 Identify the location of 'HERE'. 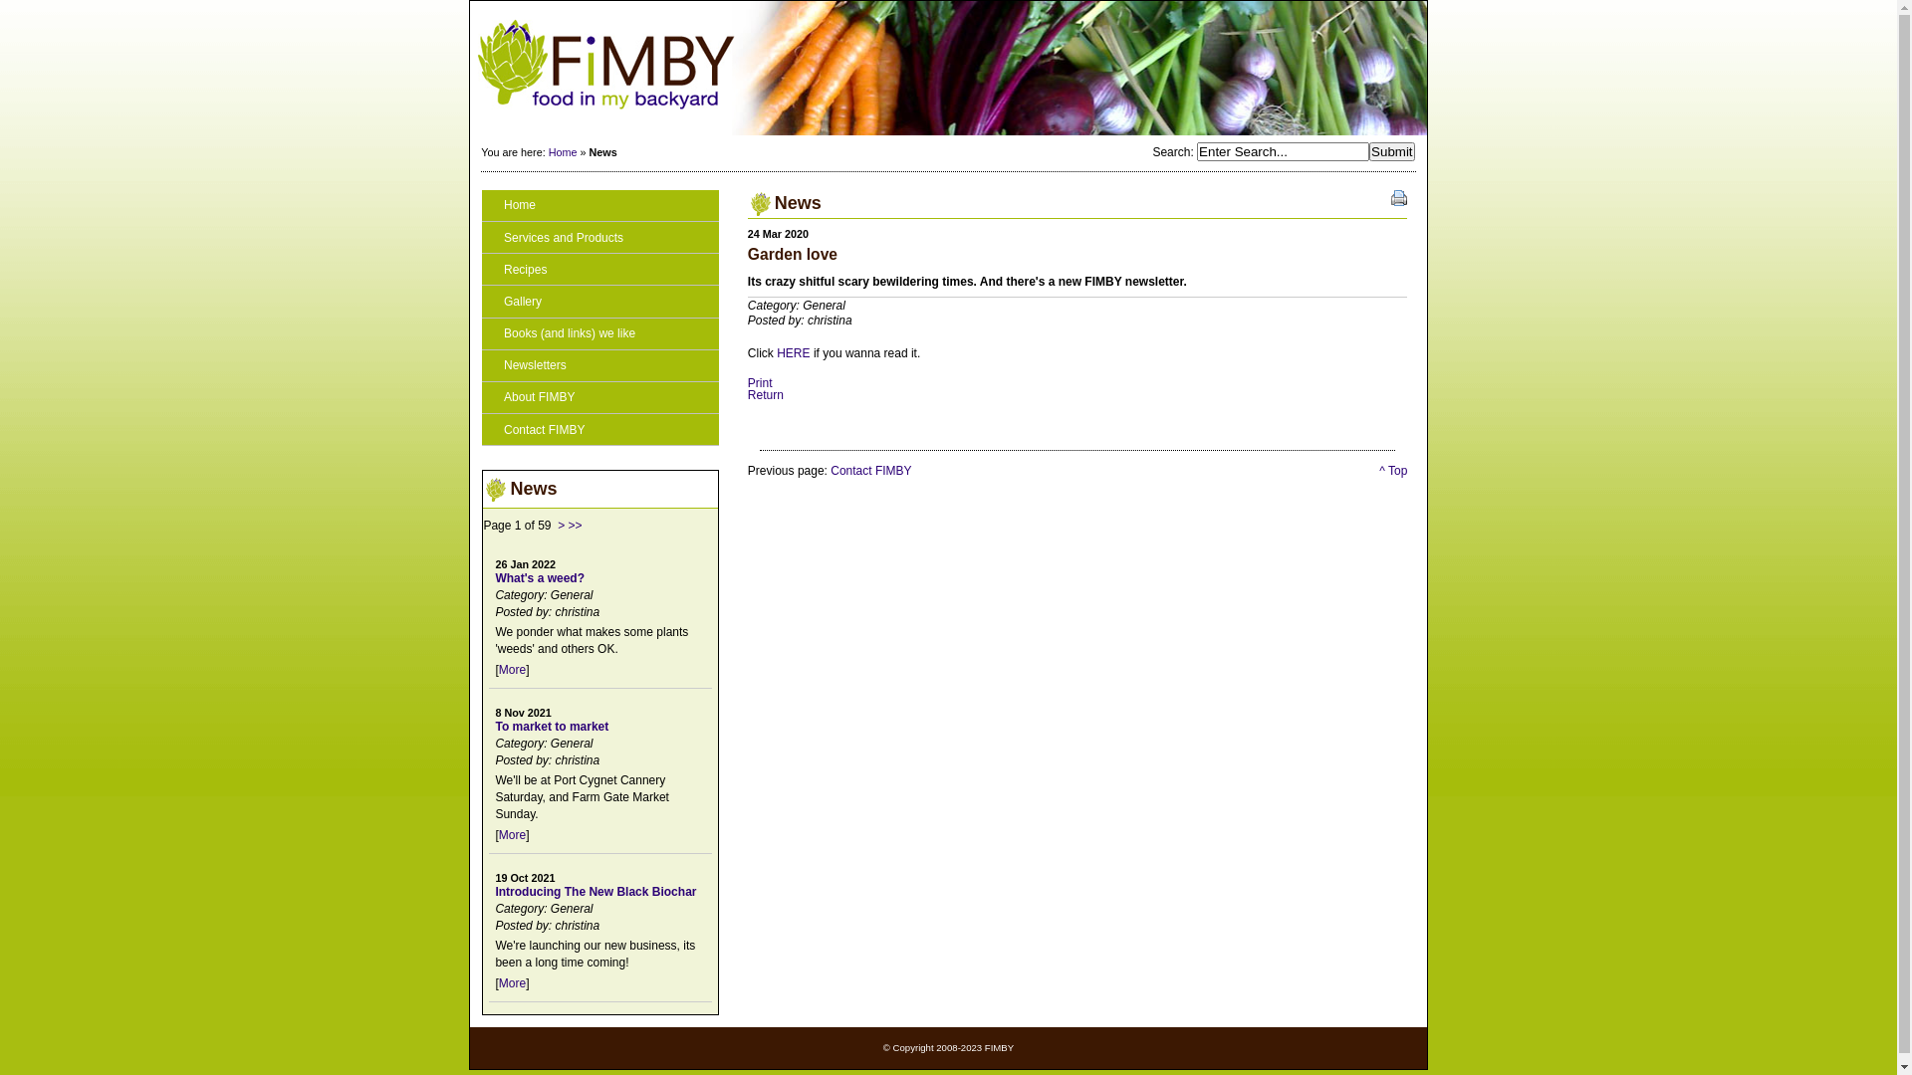
(792, 351).